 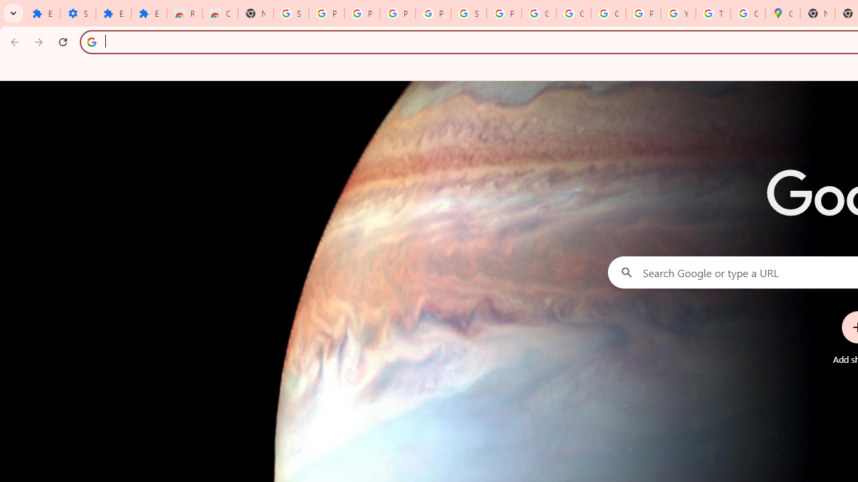 I want to click on 'Sign in - Google Accounts', so click(x=290, y=13).